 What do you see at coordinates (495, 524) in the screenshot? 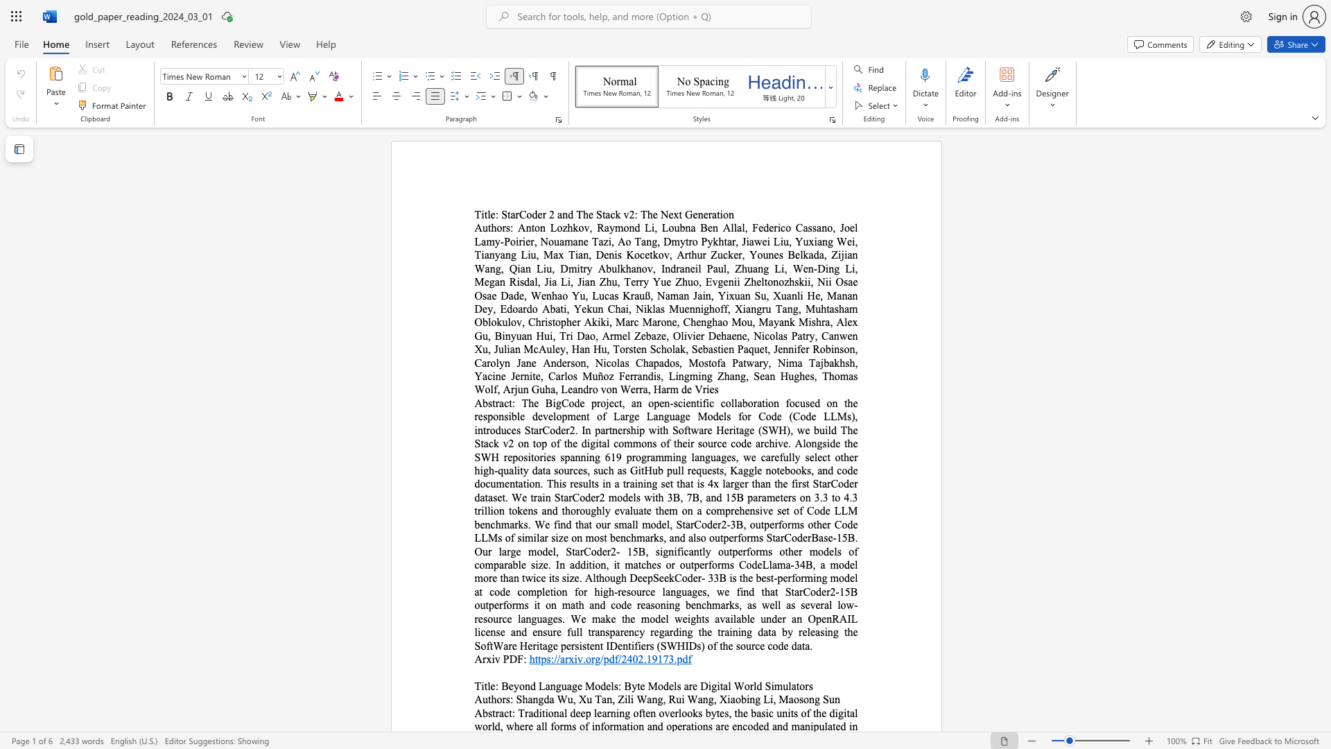
I see `the subset text "hmarks. We find tha" within the text "The BigCode project, an open-scientific collaboration focused on the responsible development of Large Language Models for Code (Code LLMs), introduces StarCoder2. In partnership with Software Heritage (SWH), we build The Stack v2 on top of the digital commons of their source code archive. Alongside the SWH repositories spanning 619 programming languages, we carefully select other high-quality data sources, such as GitHub pull requests, Kaggle notebooks, and code documentation. This results in a training set that is 4x larger than the first StarCoder dataset. We train StarCoder2 models with 3B, 7B, and 15B parameters on 3.3 to 4.3 trillion tokens and thoroughly evaluate them on a comprehensive set of Code LLM benchmarks. We find that our small model, StarCoder2-3B, outperforms other Code LLMs of similar size on most benchmarks, and also outperforms StarCoderBase-15B. Our large model, StarCoder2- 15B, significantly outperforms other models of comparable size. In addition, it matches or outperforms CodeLlama-34B, a model more than twice its size. Although DeepSeekCoder- 33B is the best-performing model at code completion for high-resource languages, we find that StarCoder2-15B outperforms it on math and code reasoning benchmarks, as well as several low-resource languages. We make the model weights available under an OpenRAIL license and ensure full transparency regarding the training data by releasing the SoftWare Heritage persistent IDentifiers (SWHIDs) of the source code data."` at bounding box center [495, 524].